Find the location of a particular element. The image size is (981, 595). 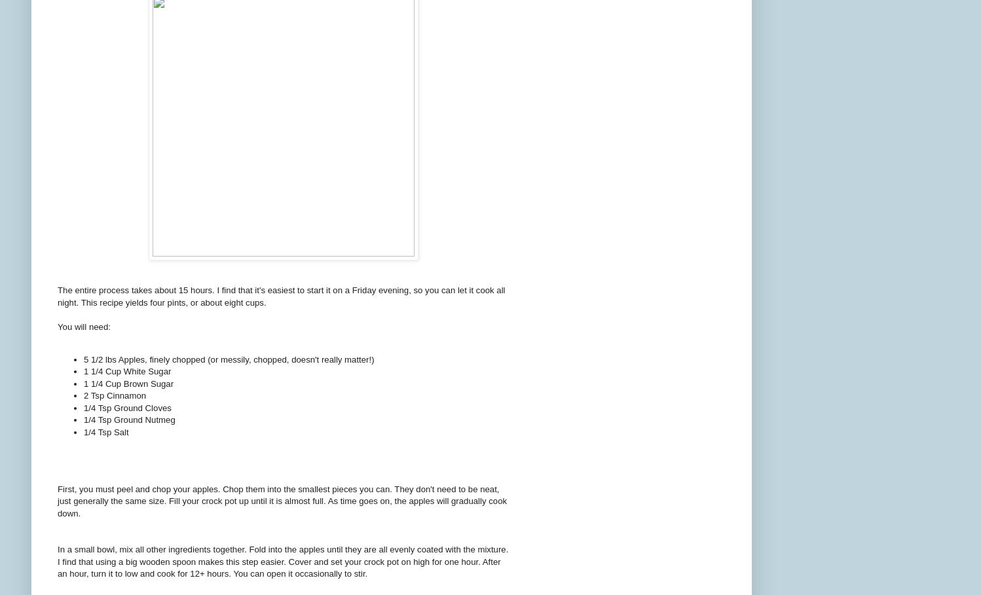

'First, you must peel and chop your apples. Chop them into the smallest pieces you can. They don't need to be neat, just generally the same size. Fill your crock pot up until it is almost full. As time goes on, the apples will gradually cook down.' is located at coordinates (282, 501).